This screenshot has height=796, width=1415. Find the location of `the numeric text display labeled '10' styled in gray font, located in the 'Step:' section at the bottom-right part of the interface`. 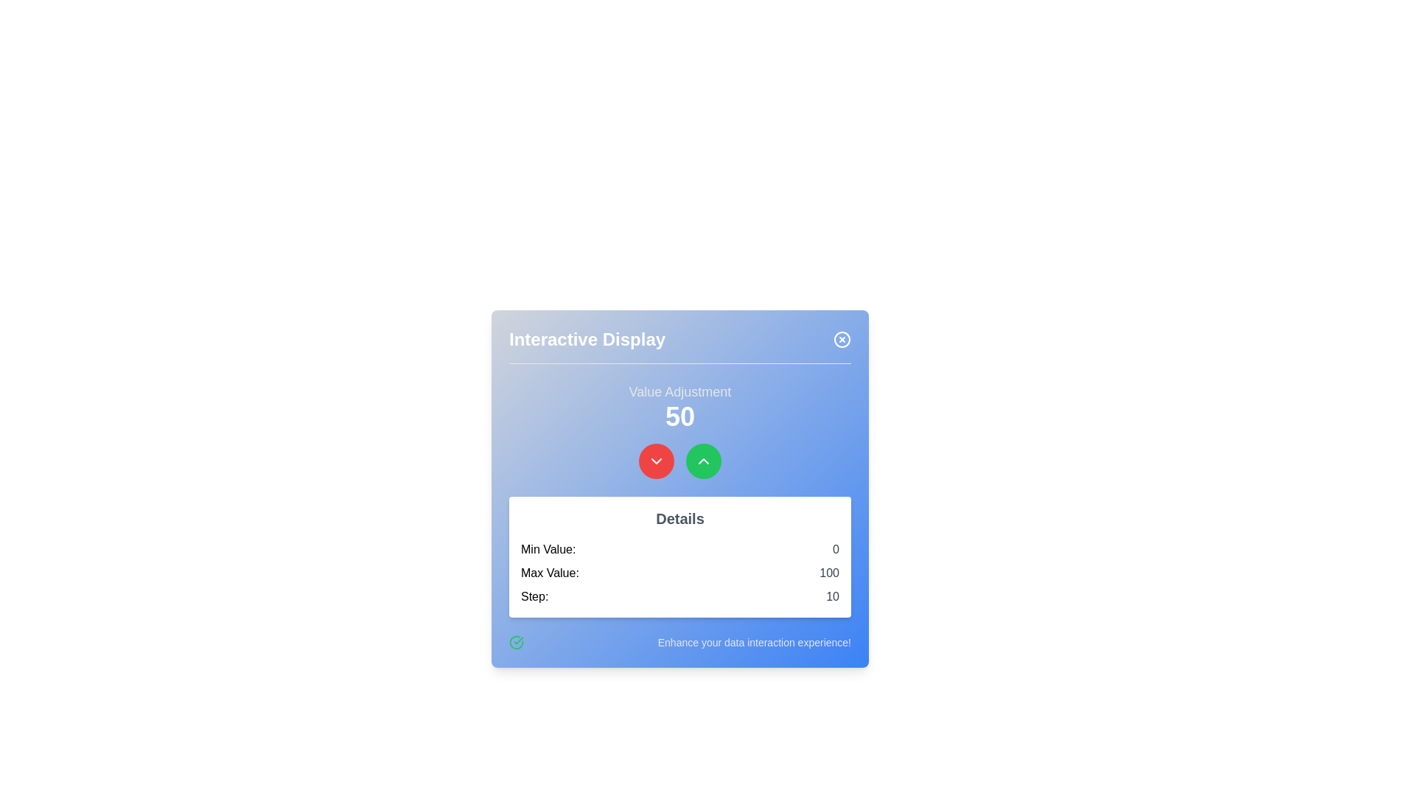

the numeric text display labeled '10' styled in gray font, located in the 'Step:' section at the bottom-right part of the interface is located at coordinates (833, 597).